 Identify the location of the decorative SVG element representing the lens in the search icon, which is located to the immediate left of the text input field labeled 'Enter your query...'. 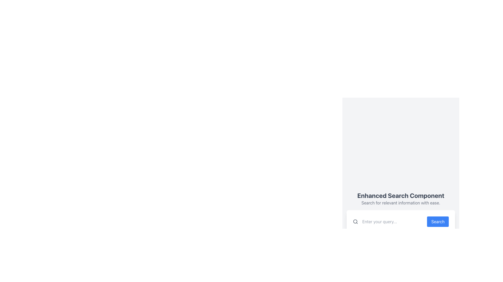
(355, 221).